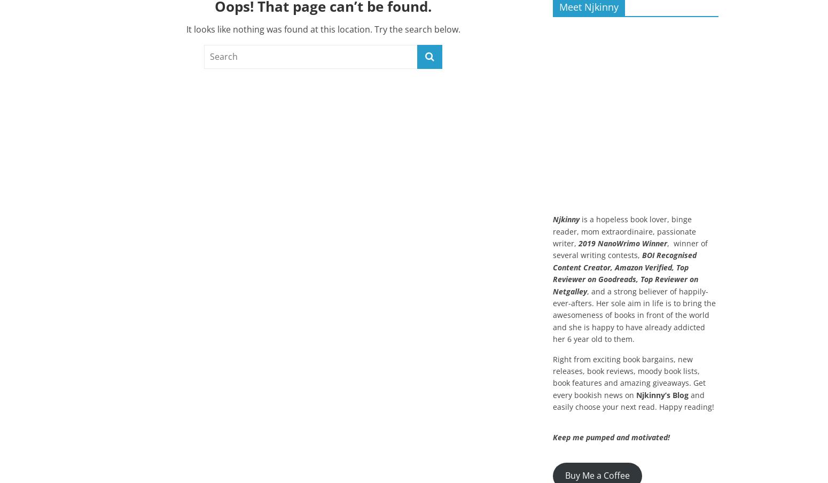 This screenshot has height=483, width=828. What do you see at coordinates (634, 314) in the screenshot?
I see `', and a strong believer of happily-ever-afters. Her sole aim in life is to bring the awesomeness of books in front of the world and she is happy to have already addicted her 6 year old to them.'` at bounding box center [634, 314].